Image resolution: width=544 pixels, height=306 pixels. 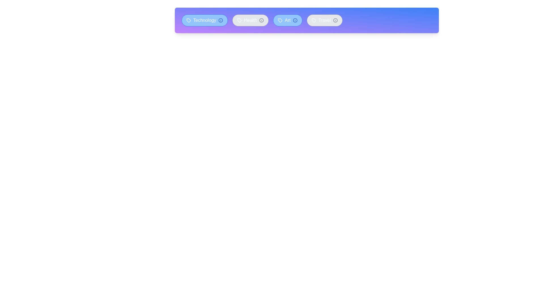 What do you see at coordinates (250, 20) in the screenshot?
I see `the tag labeled Health to toggle its active status` at bounding box center [250, 20].